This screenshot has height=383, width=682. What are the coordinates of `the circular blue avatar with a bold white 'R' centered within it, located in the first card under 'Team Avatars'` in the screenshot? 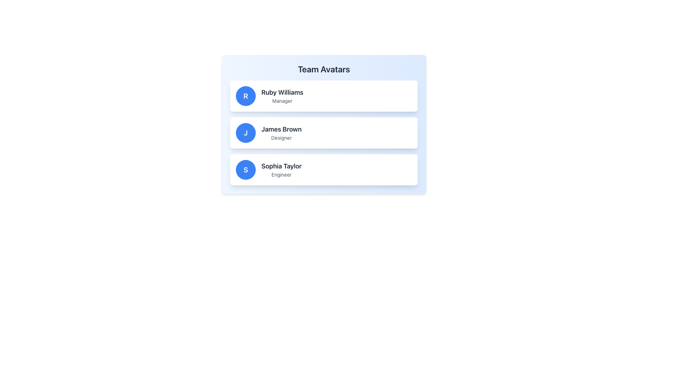 It's located at (245, 96).